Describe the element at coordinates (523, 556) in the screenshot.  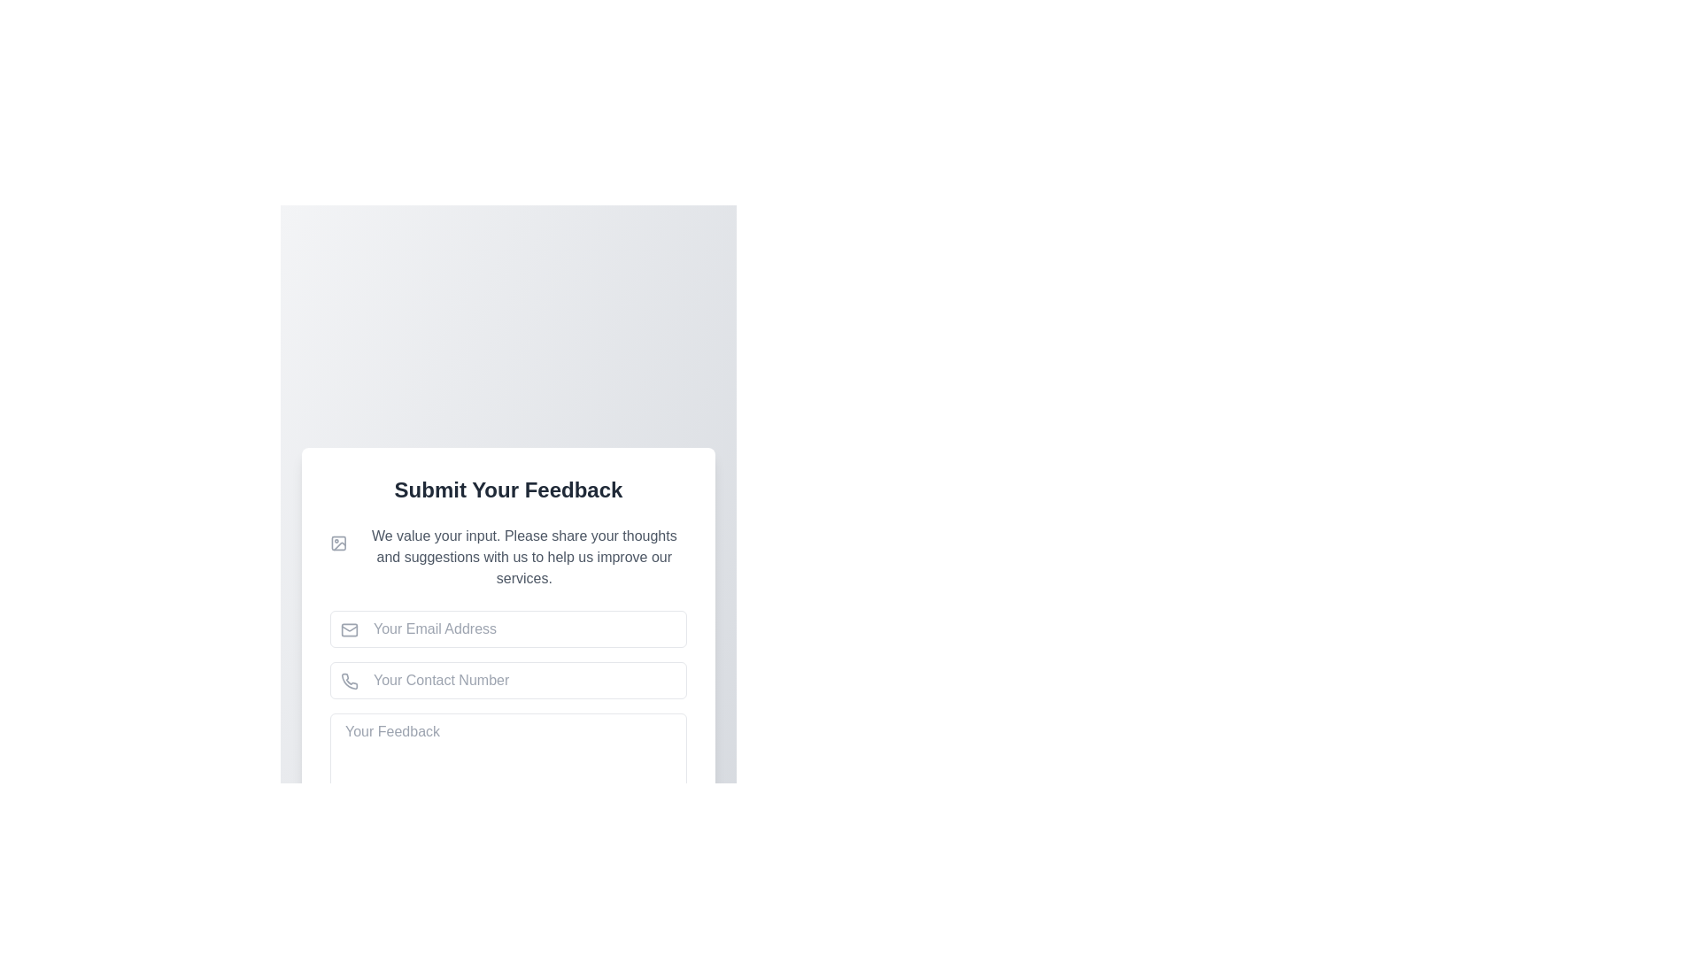
I see `the Informational Text Block located below the 'Submit Your Feedback' heading in the feedback form interface` at that location.